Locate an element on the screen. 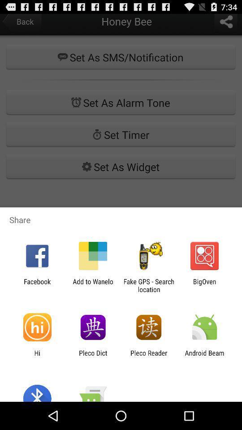  the icon next to android beam icon is located at coordinates (149, 357).